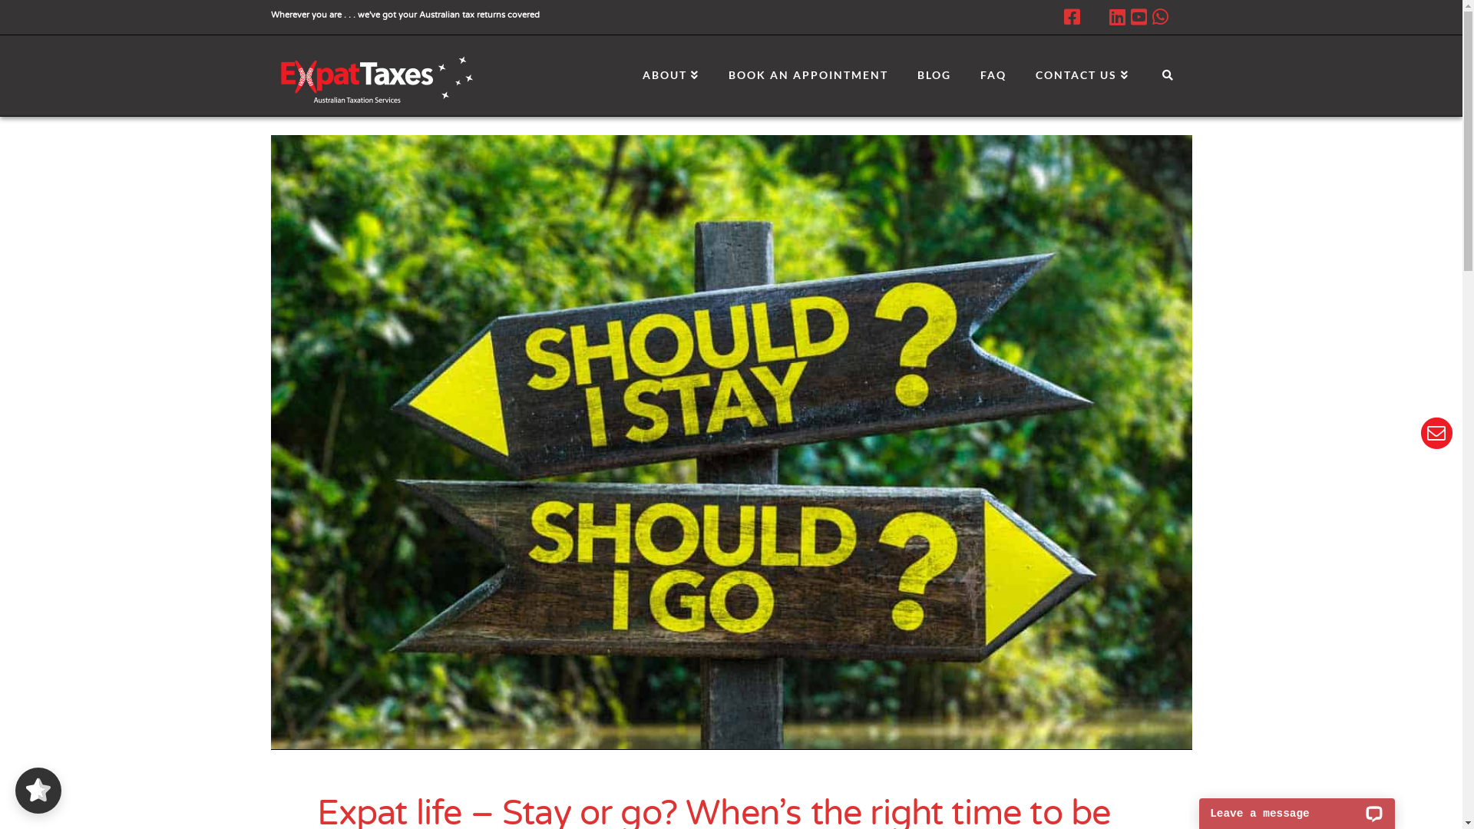  Describe the element at coordinates (670, 70) in the screenshot. I see `'ABOUT'` at that location.